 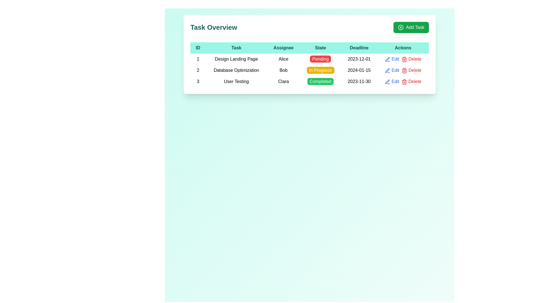 I want to click on the green 'Completed' status indicator button located in the third row of the table under the 'State' column, so click(x=309, y=81).